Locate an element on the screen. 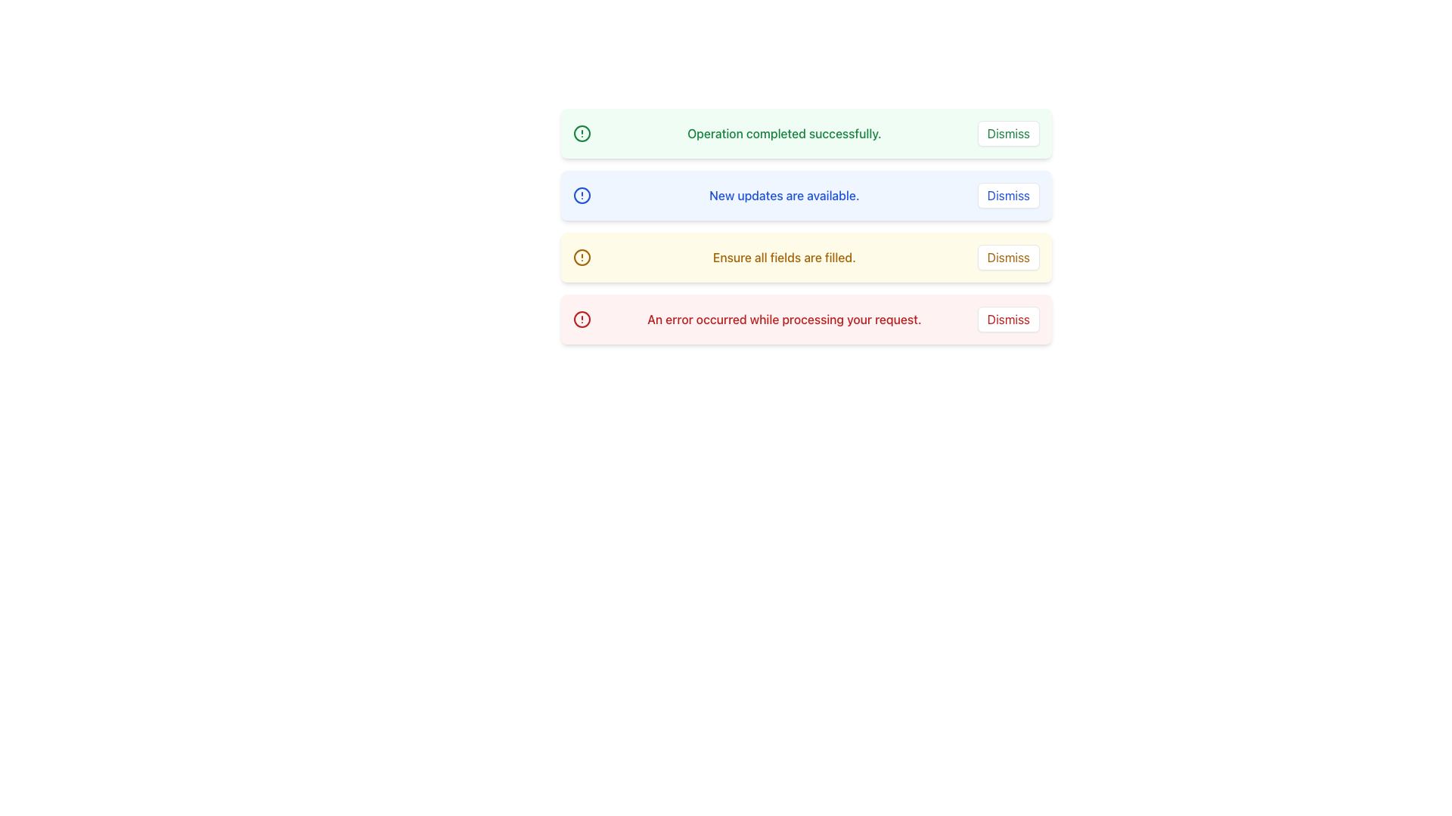 The height and width of the screenshot is (816, 1452). the dismissal button located on the far right of the red alert box containing the message 'An error occurred while processing your request.' is located at coordinates (1008, 319).